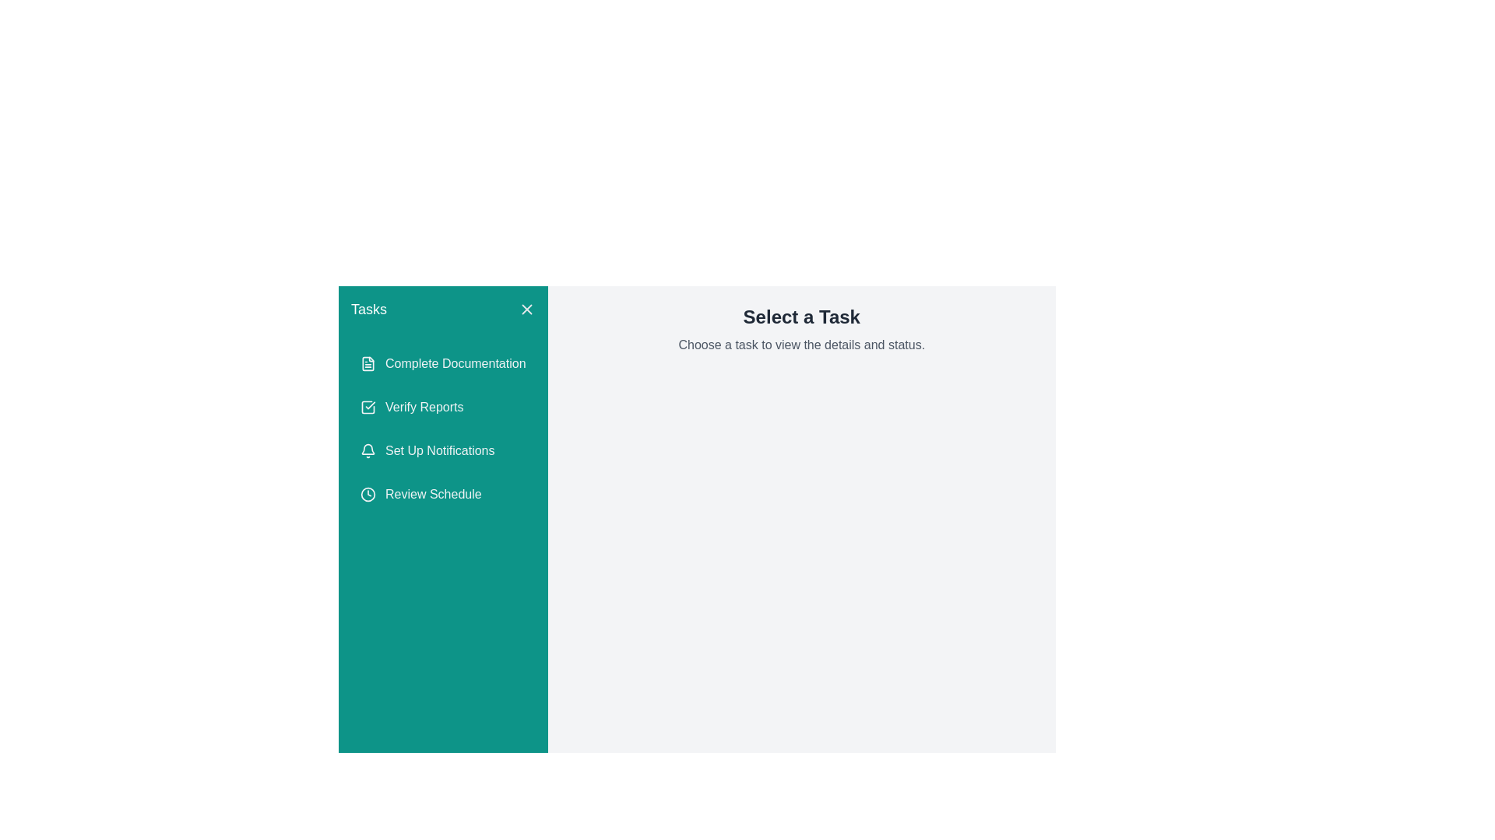 The height and width of the screenshot is (840, 1495). I want to click on the 'Review Schedule' text label, which is the last item in the task menu below 'Set Up Notifications', so click(433, 495).